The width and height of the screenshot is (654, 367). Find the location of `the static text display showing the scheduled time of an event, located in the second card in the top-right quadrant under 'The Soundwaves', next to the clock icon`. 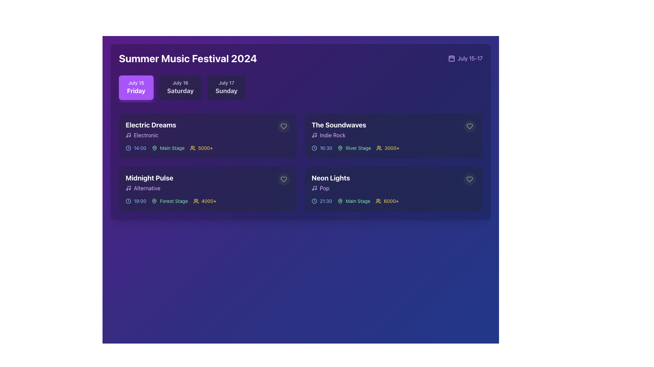

the static text display showing the scheduled time of an event, located in the second card in the top-right quadrant under 'The Soundwaves', next to the clock icon is located at coordinates (326, 147).